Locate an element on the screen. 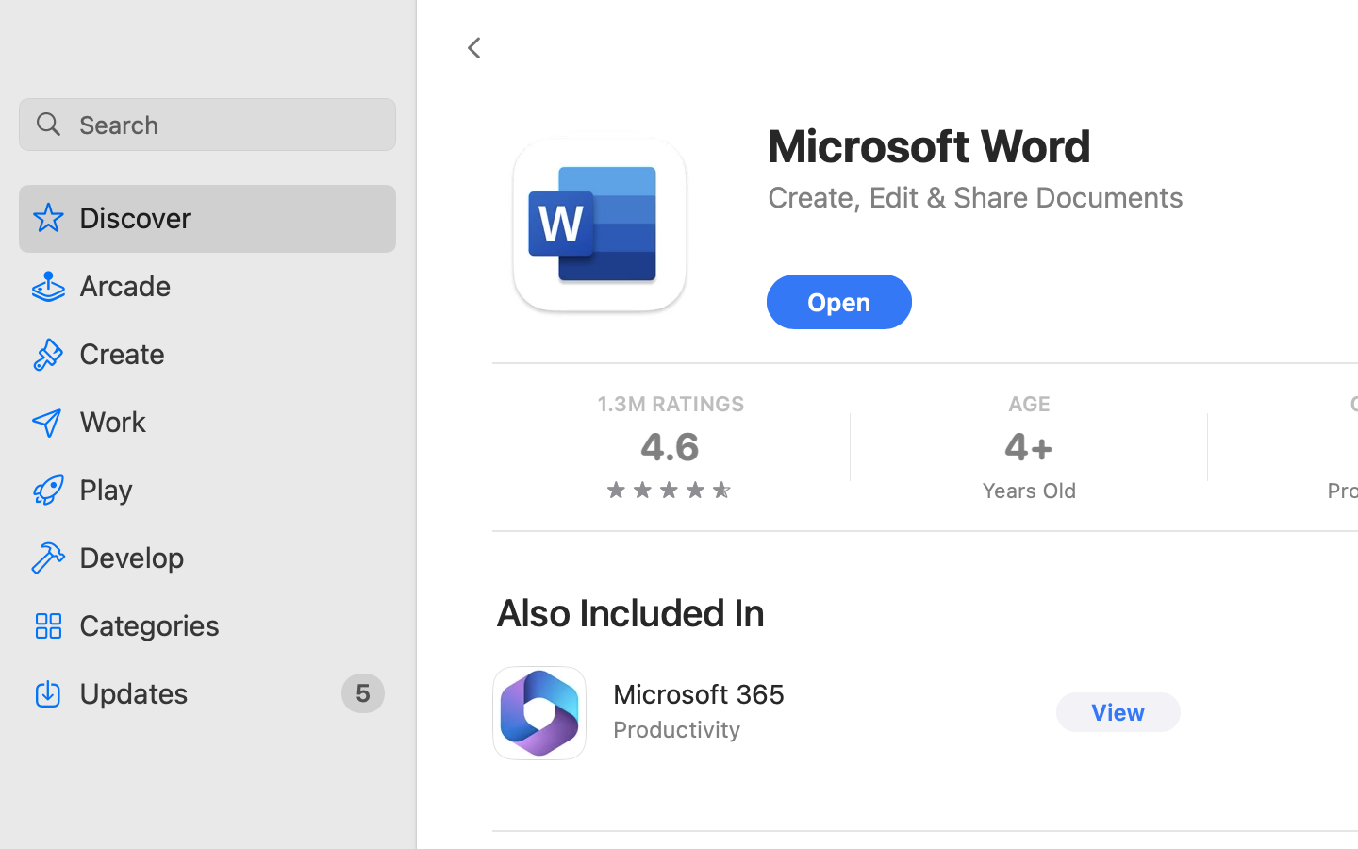  '4.6' is located at coordinates (671, 446).